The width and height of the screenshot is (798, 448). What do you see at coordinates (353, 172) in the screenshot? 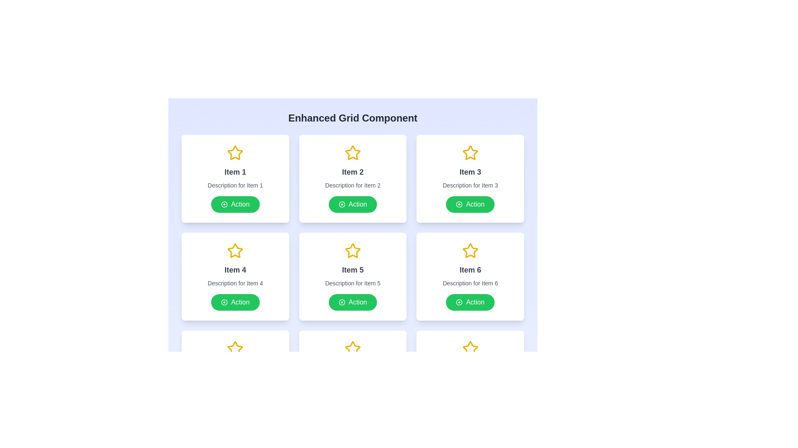
I see `the 'Item 2' text label, which is a bold label located in the second card of the first row in a grid layout, positioned below a yellow star icon` at bounding box center [353, 172].